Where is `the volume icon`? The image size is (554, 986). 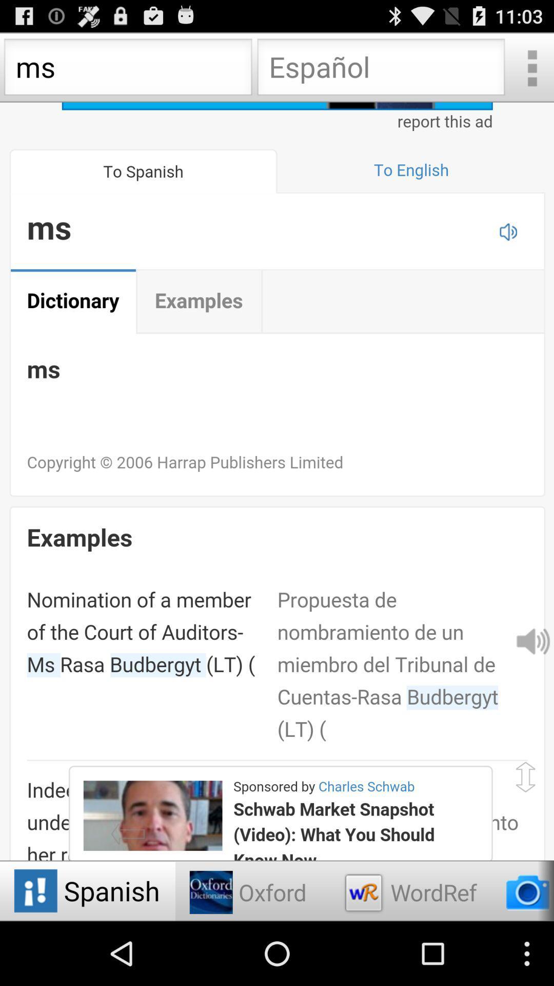
the volume icon is located at coordinates (531, 686).